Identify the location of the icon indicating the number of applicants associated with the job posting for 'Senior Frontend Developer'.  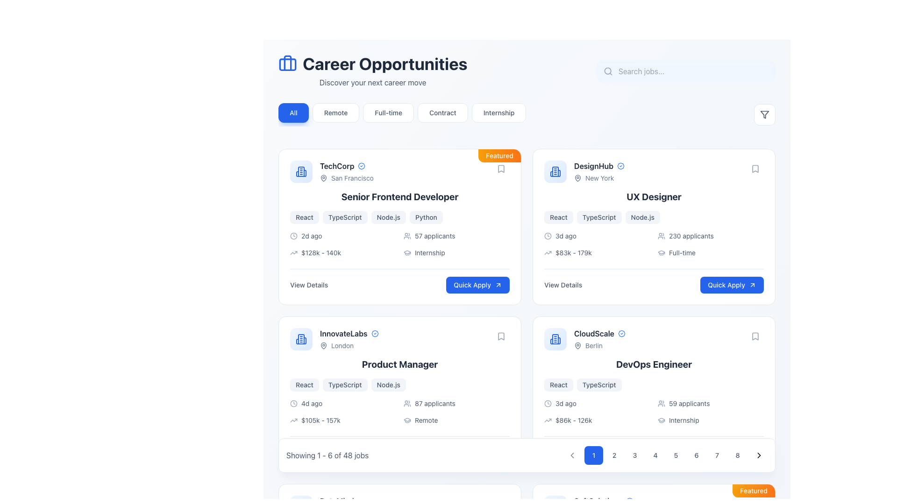
(407, 235).